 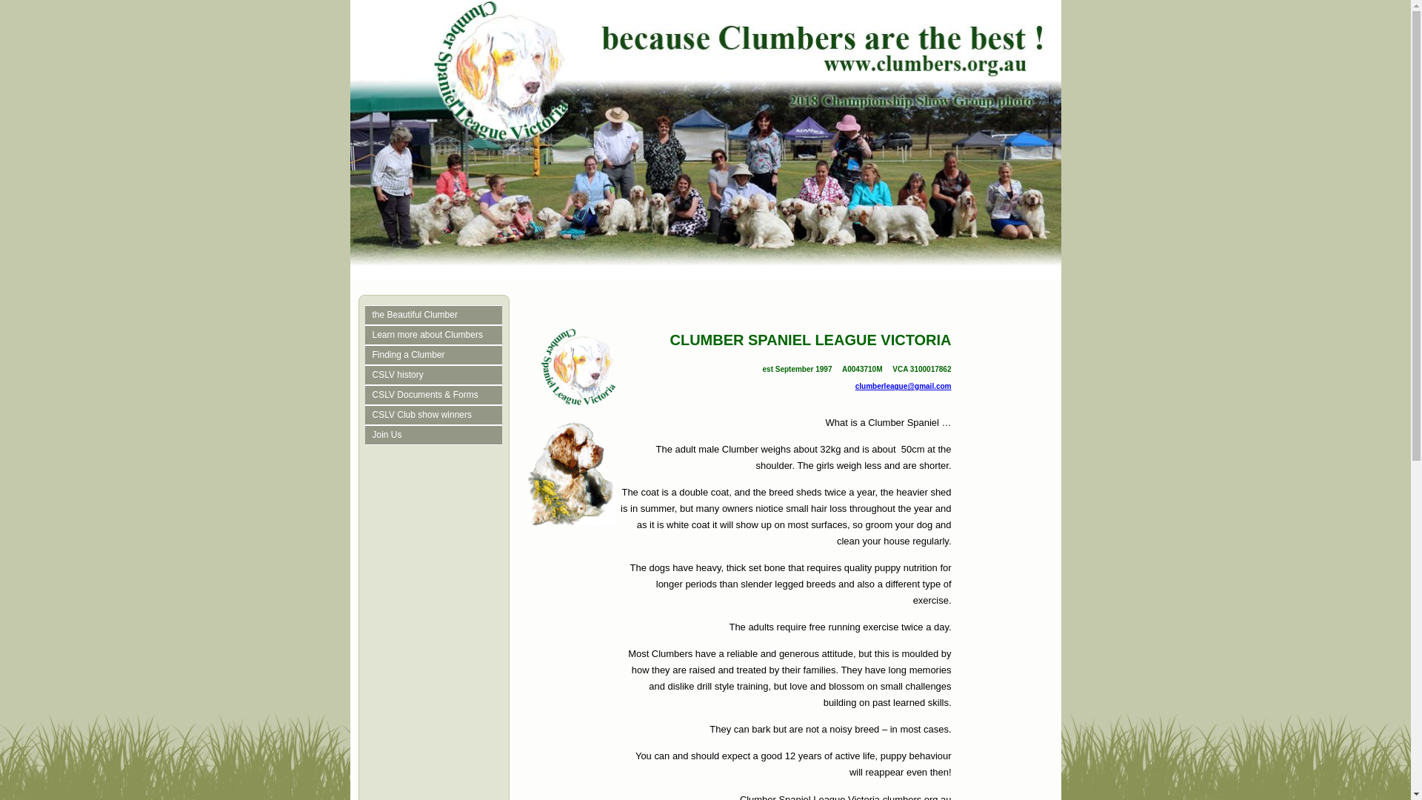 What do you see at coordinates (435, 355) in the screenshot?
I see `'Finding a Clumber'` at bounding box center [435, 355].